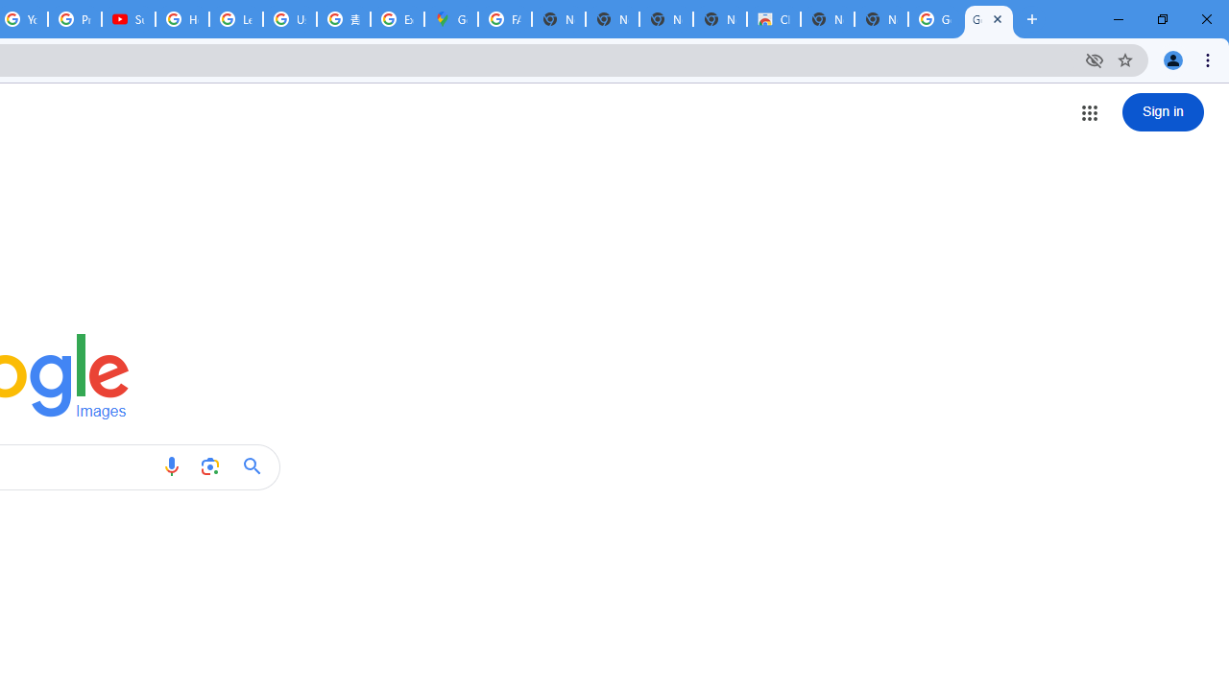 This screenshot has height=691, width=1229. What do you see at coordinates (182, 19) in the screenshot?
I see `'How Chrome protects your passwords - Google Chrome Help'` at bounding box center [182, 19].